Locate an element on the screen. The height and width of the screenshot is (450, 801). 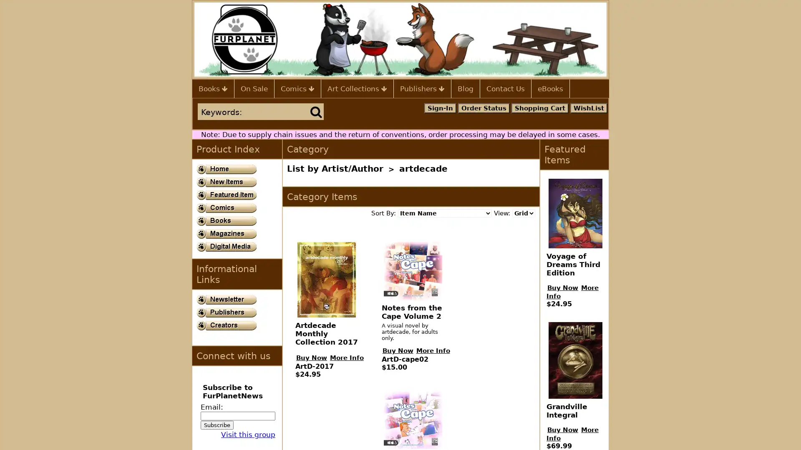
WishList is located at coordinates (588, 107).